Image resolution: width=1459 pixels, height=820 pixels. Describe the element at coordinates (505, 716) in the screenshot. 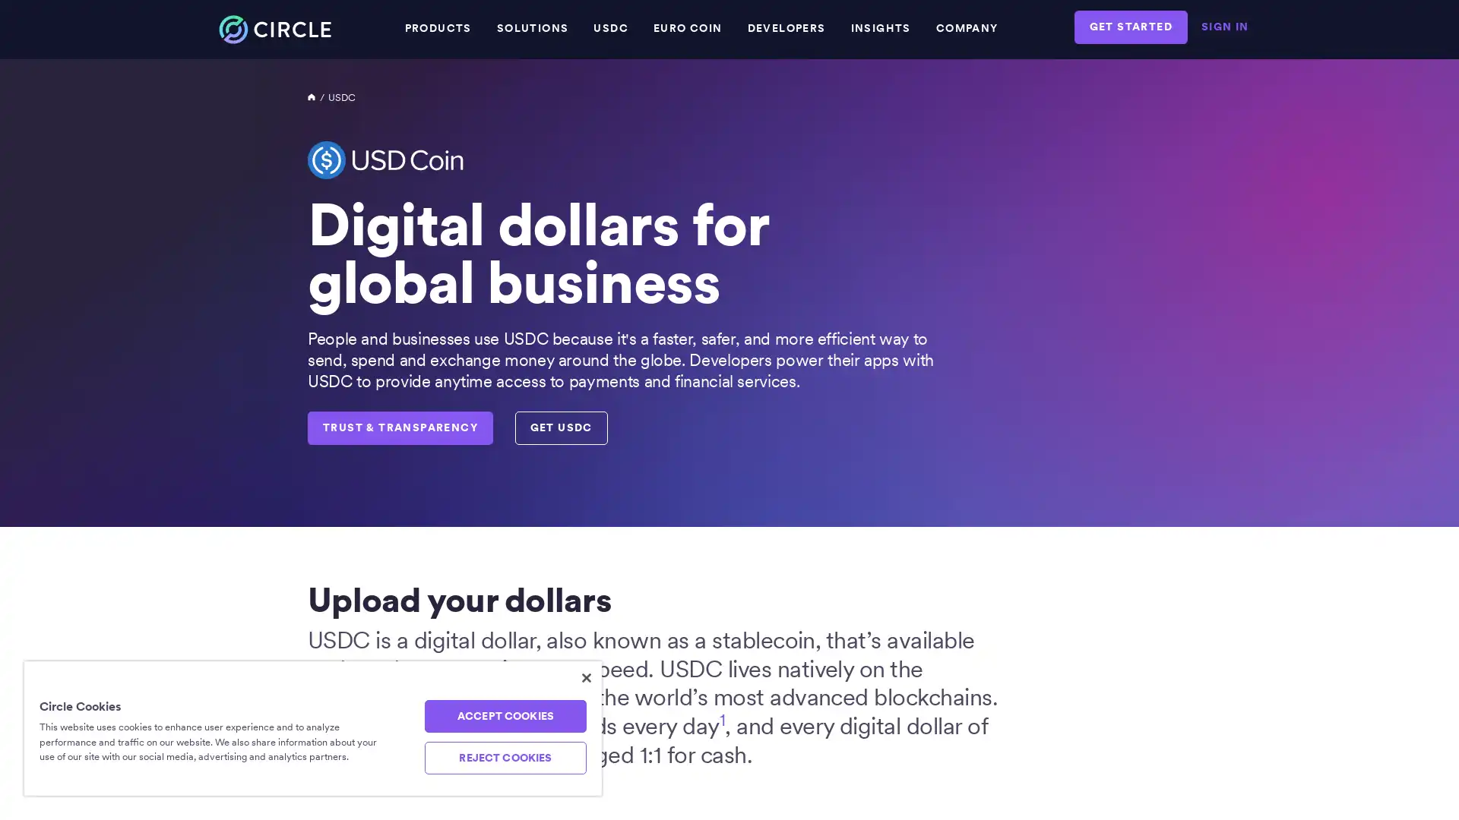

I see `ACCEPT COOKIES` at that location.